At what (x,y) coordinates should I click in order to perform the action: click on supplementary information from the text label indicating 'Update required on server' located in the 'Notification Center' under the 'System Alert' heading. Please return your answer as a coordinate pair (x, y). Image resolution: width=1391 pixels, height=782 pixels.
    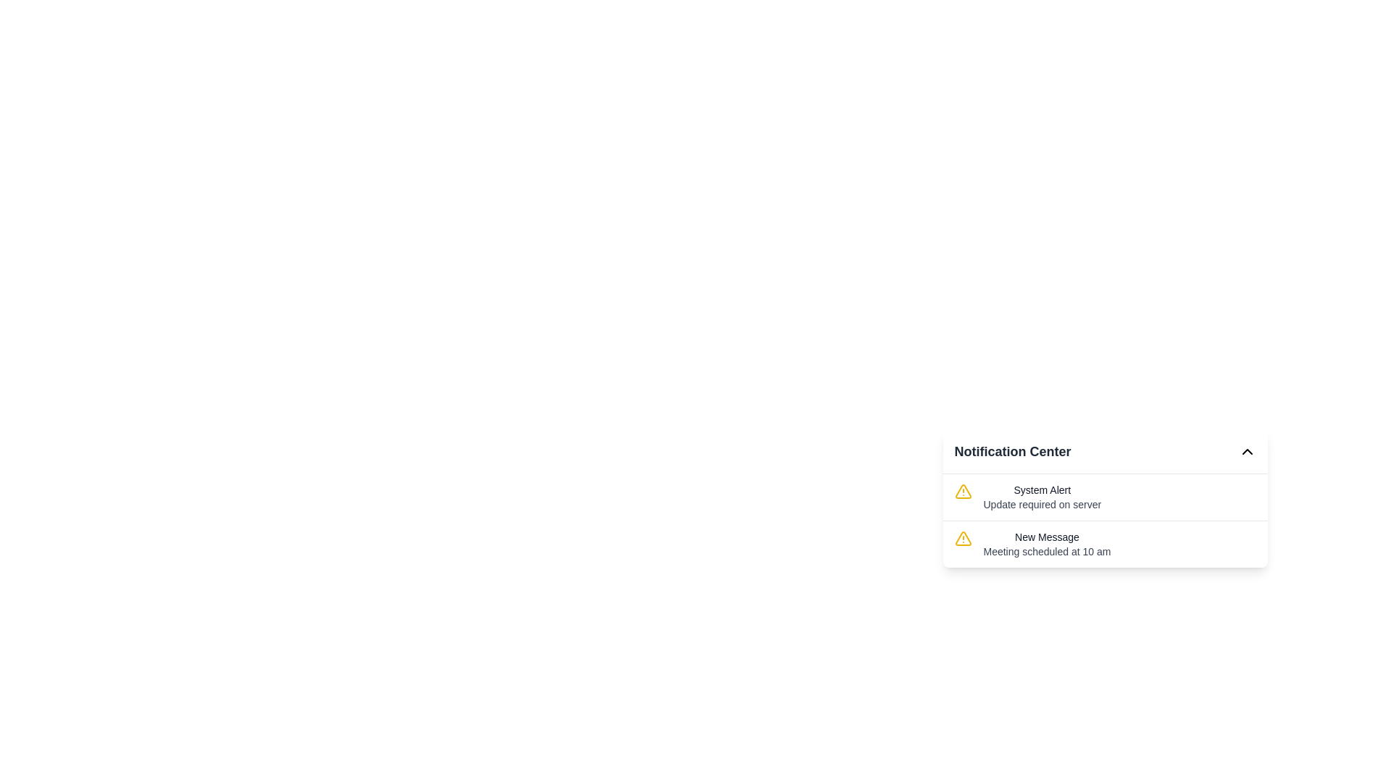
    Looking at the image, I should click on (1041, 504).